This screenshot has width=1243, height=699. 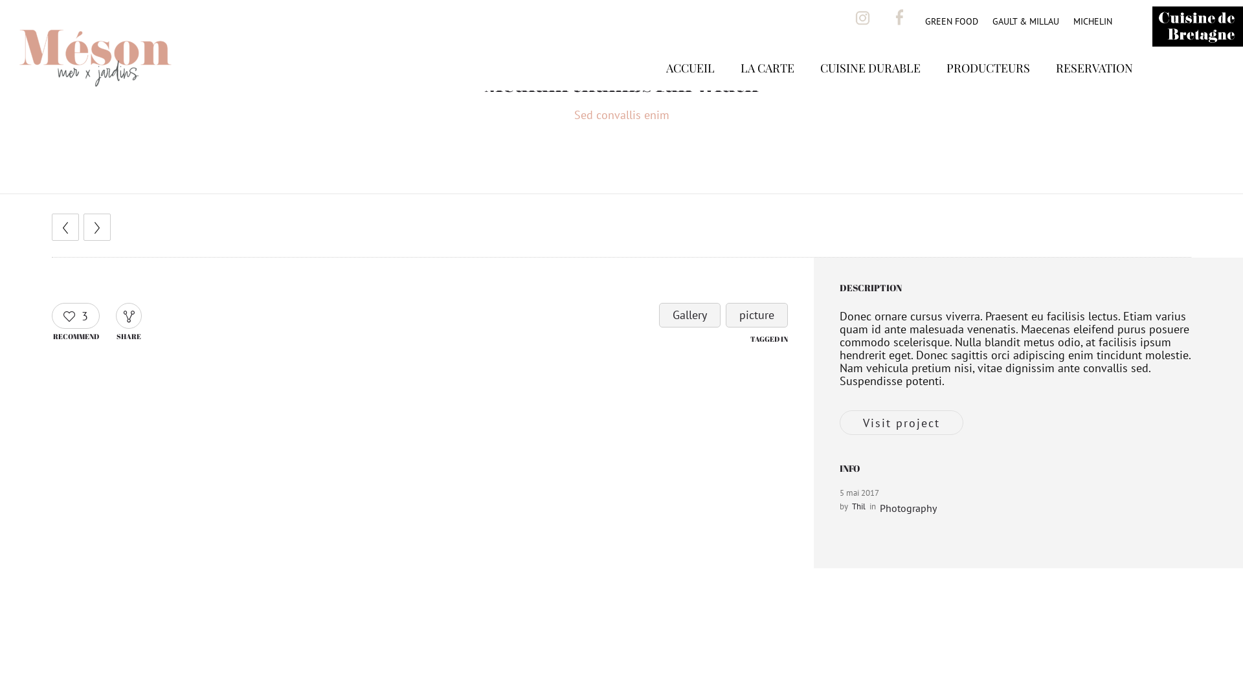 What do you see at coordinates (858, 505) in the screenshot?
I see `'Thil'` at bounding box center [858, 505].